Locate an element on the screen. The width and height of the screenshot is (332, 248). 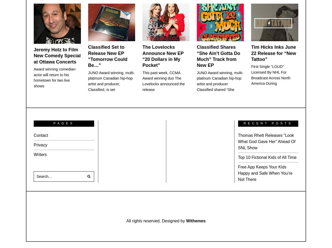
'Recent Posts' is located at coordinates (268, 123).